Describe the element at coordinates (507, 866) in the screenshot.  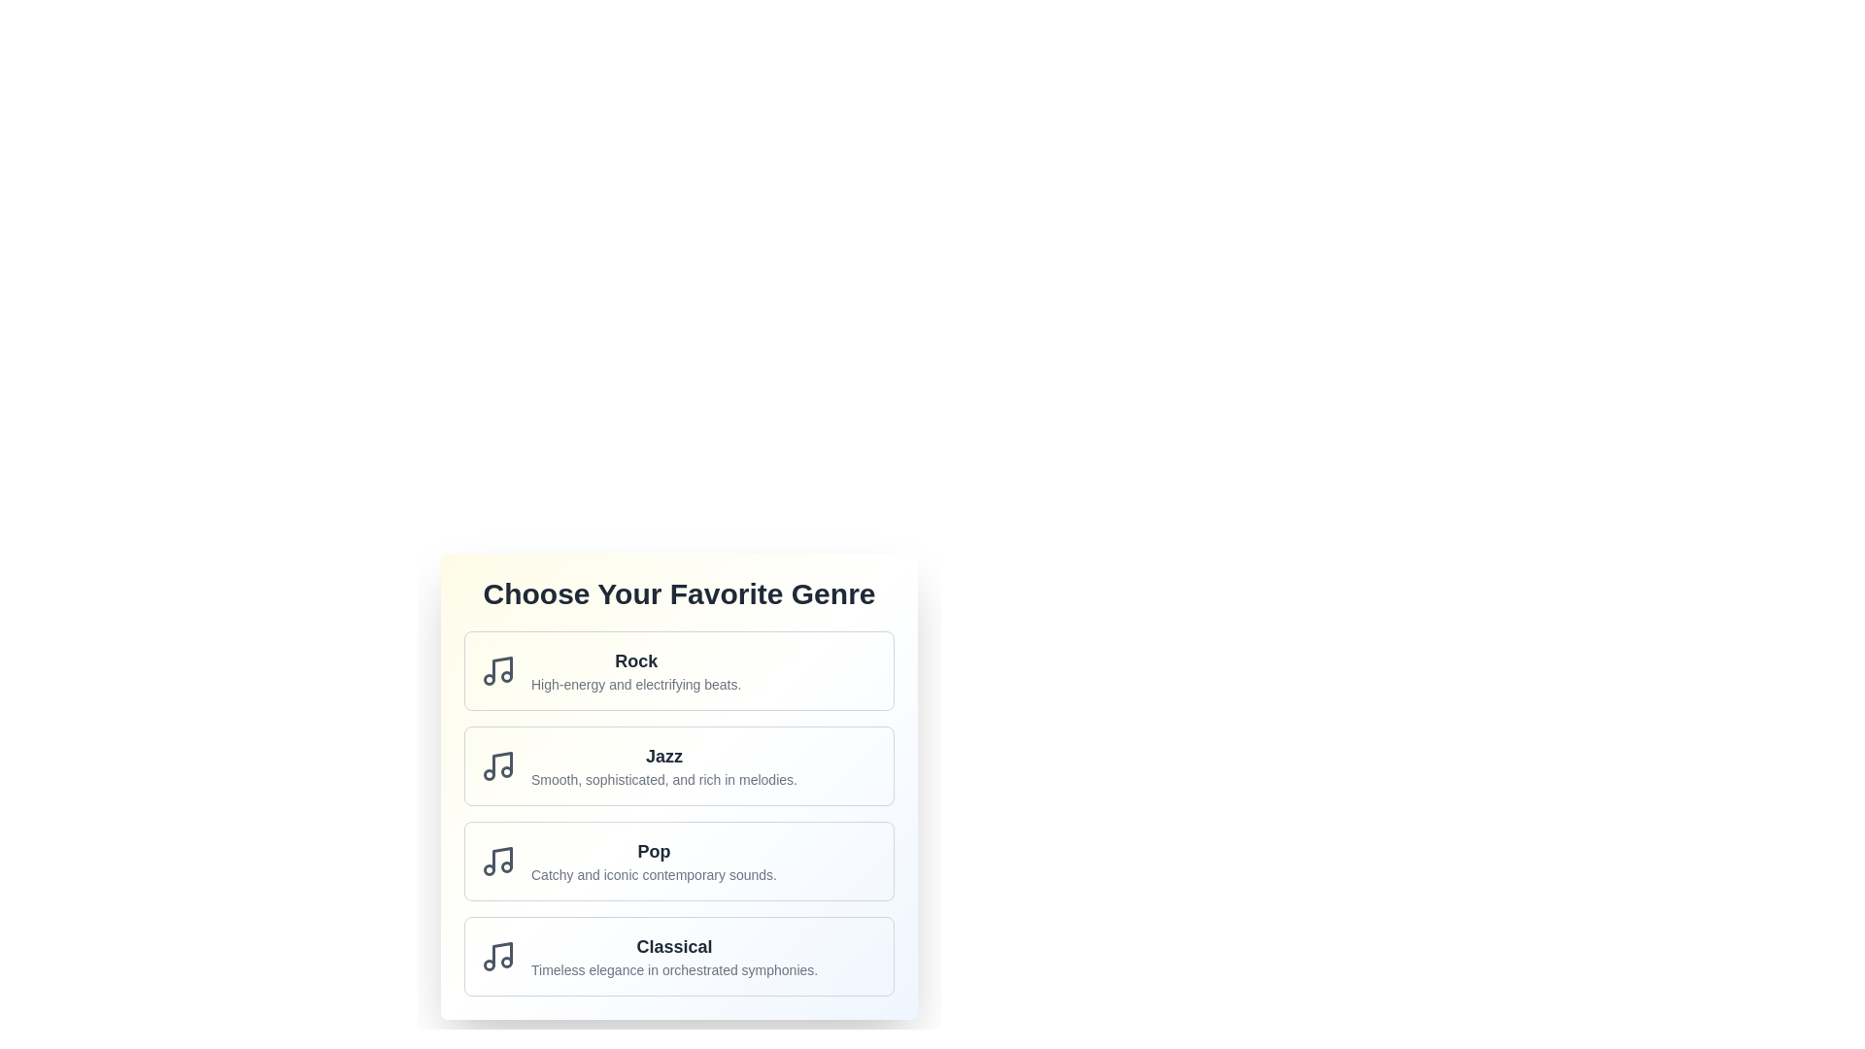
I see `the small circular graphic element inside the musical note icon representing the 'Pop' genre, which is located in the third list item of the genre selection interface` at that location.